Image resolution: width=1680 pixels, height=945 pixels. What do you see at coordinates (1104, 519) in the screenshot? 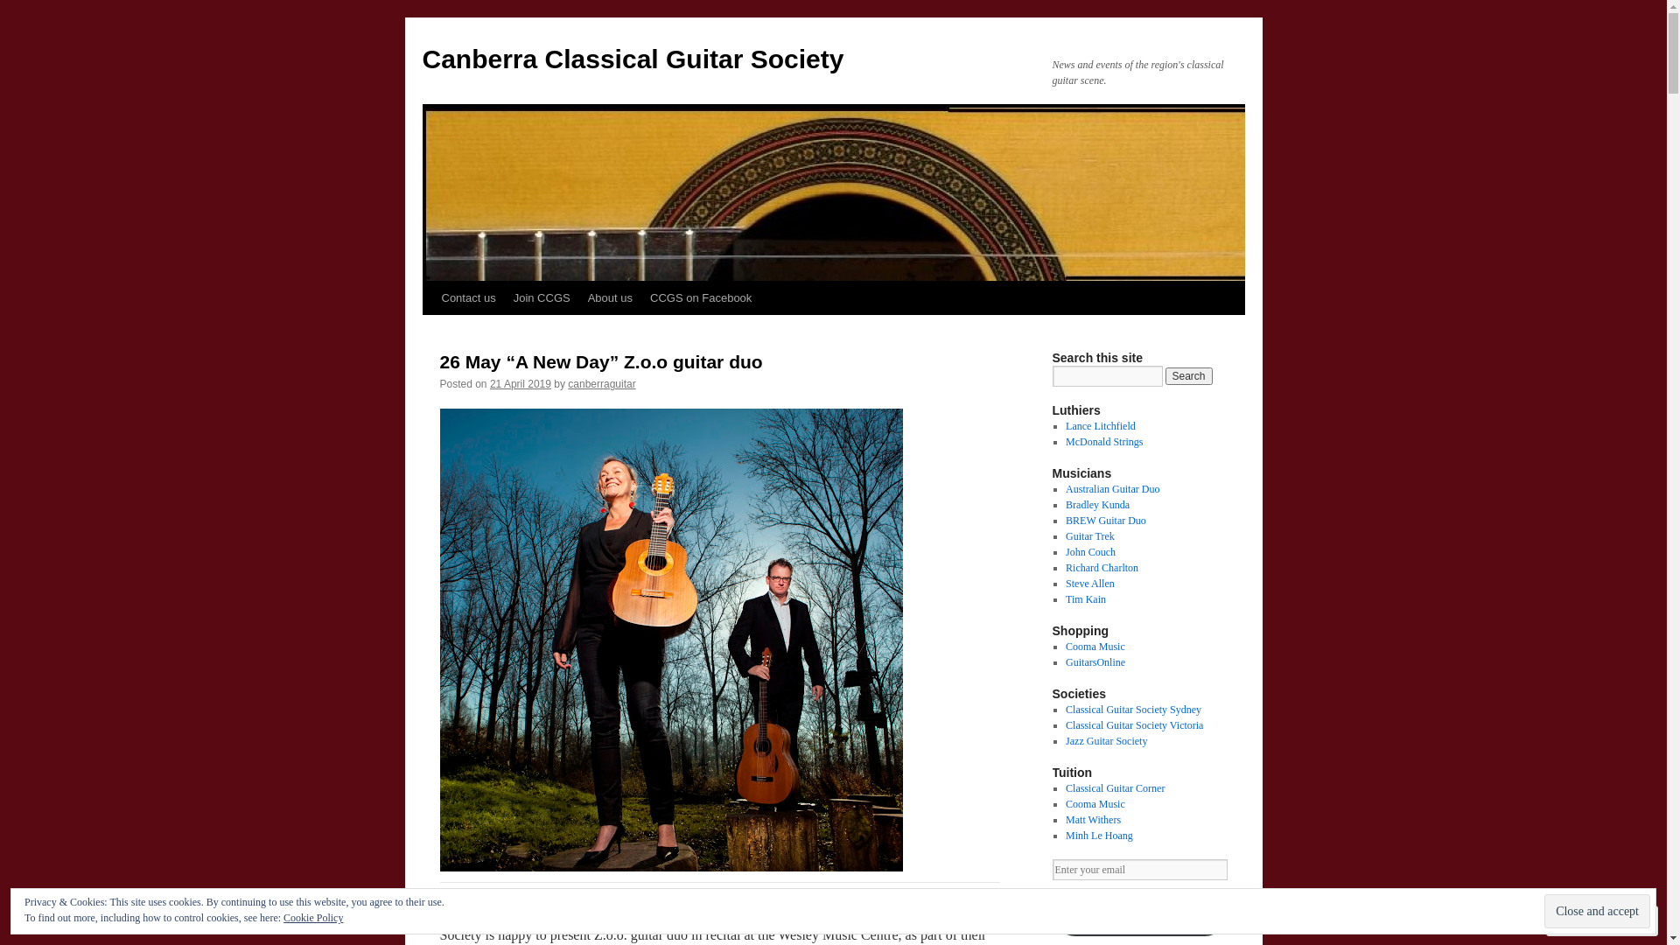
I see `'BREW Guitar Duo'` at bounding box center [1104, 519].